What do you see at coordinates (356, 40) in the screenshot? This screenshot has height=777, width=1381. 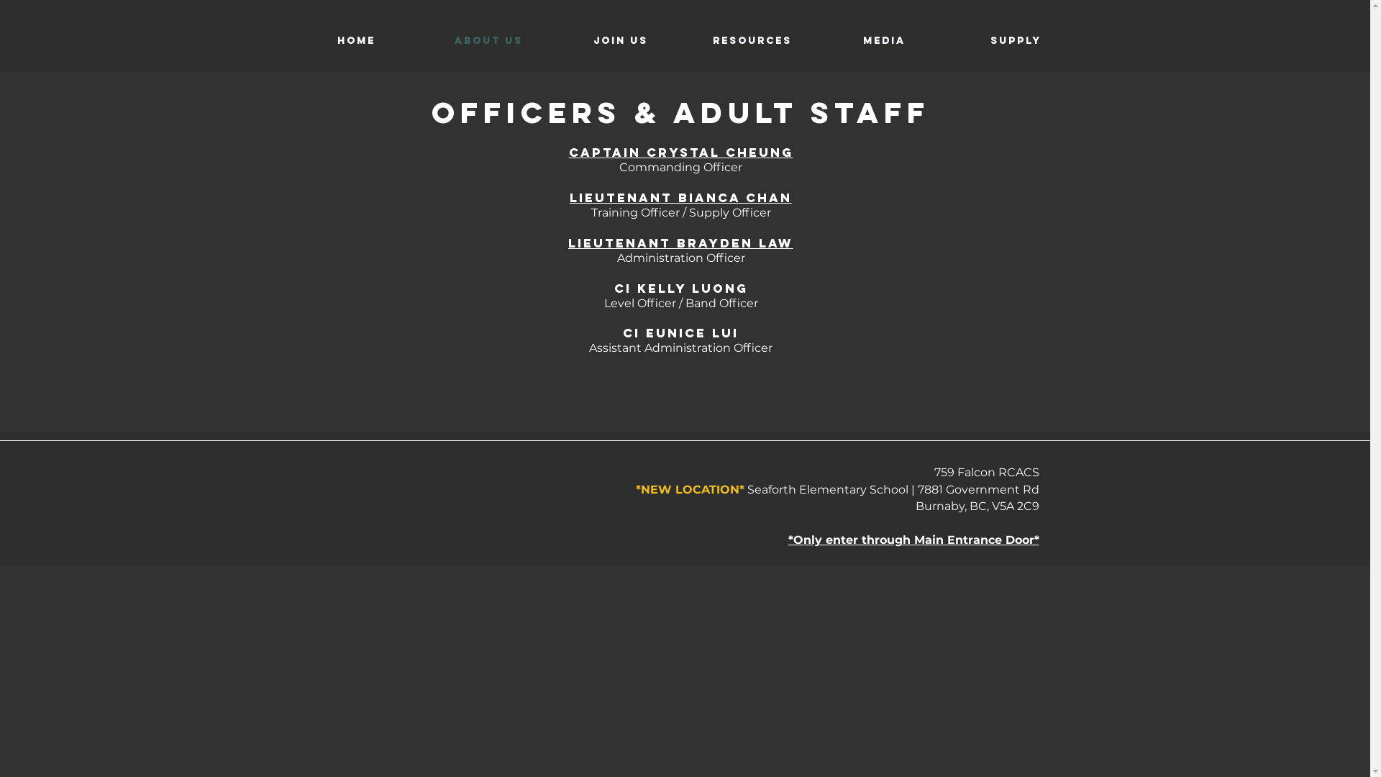 I see `'Home'` at bounding box center [356, 40].